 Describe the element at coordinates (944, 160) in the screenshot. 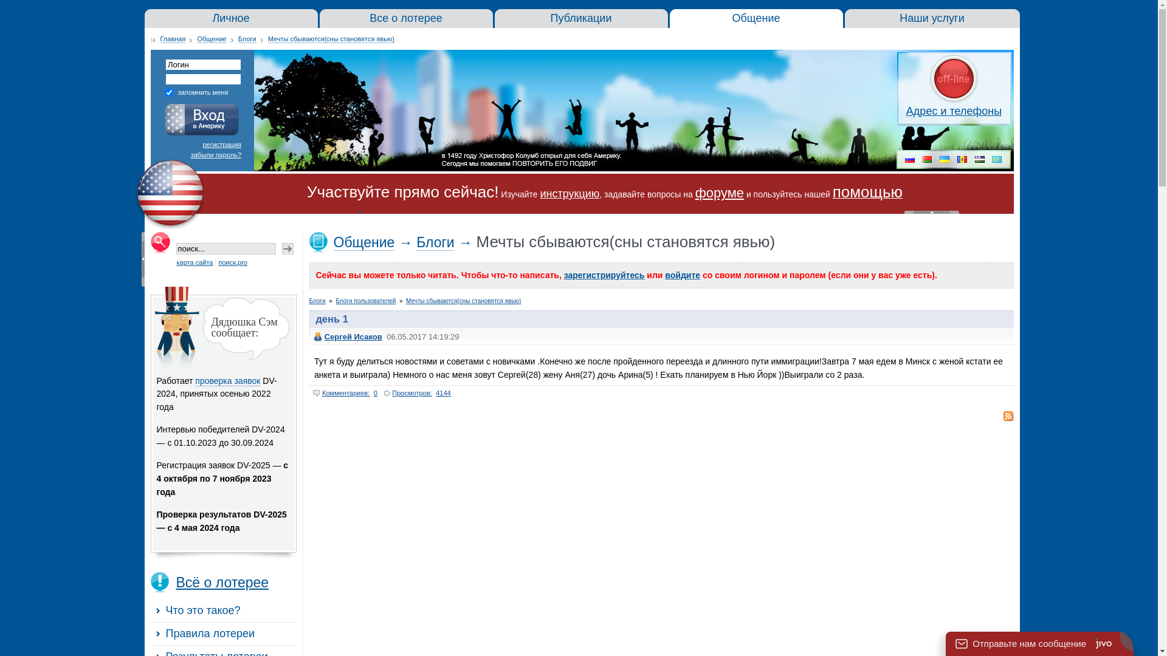

I see `'ua'` at that location.